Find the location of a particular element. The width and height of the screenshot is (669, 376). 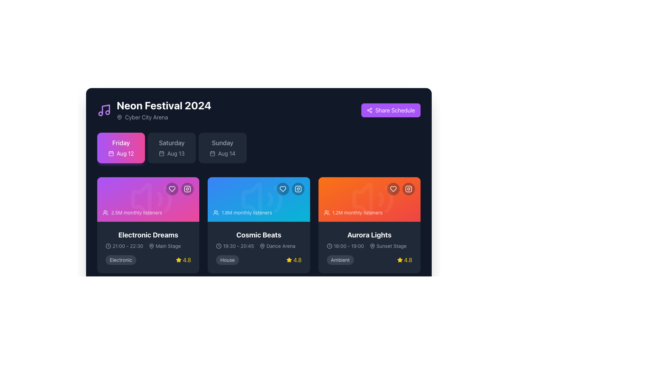

the clock icon within the 'Aurora Lights' event card, which is the leftmost element preceding the text '18:00 - 19:00' is located at coordinates (329, 245).